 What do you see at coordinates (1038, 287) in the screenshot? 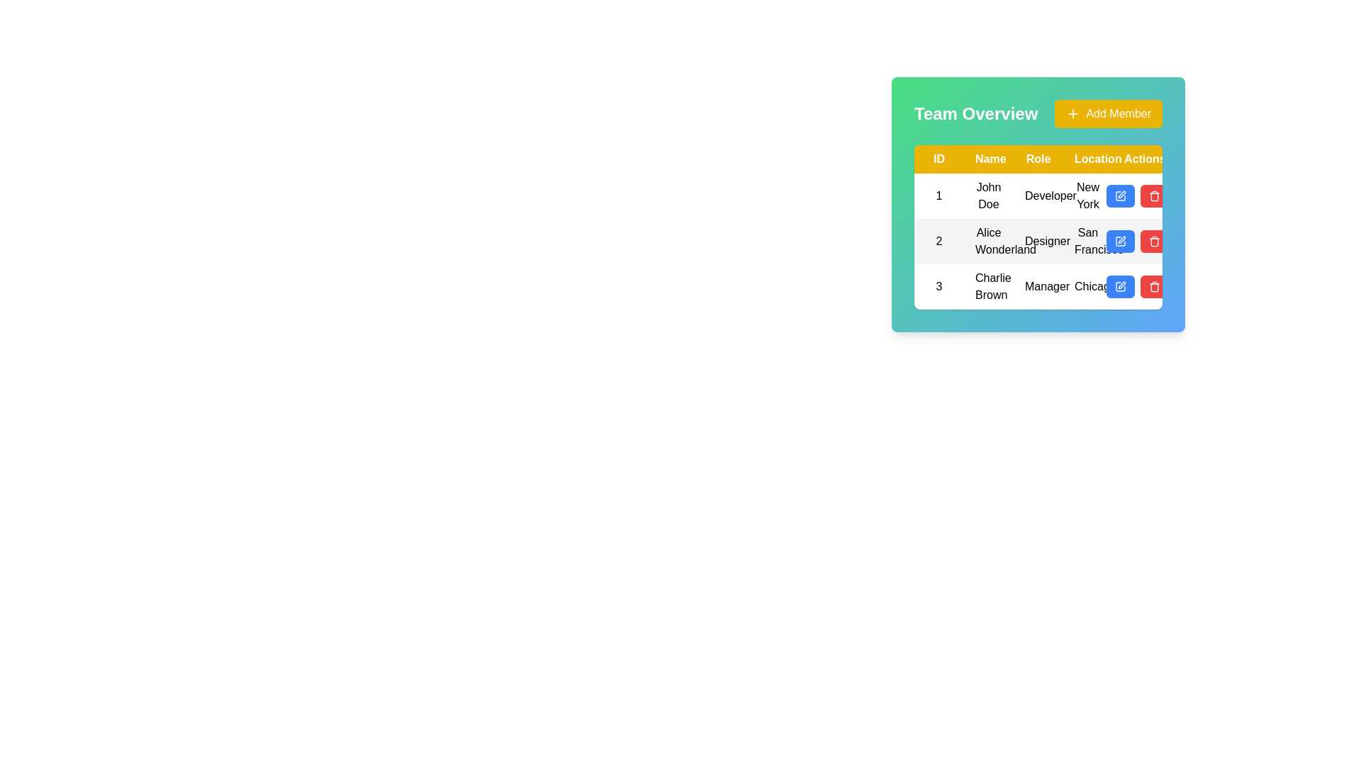
I see `the third row of the team members table, which includes text data and action icons` at bounding box center [1038, 287].